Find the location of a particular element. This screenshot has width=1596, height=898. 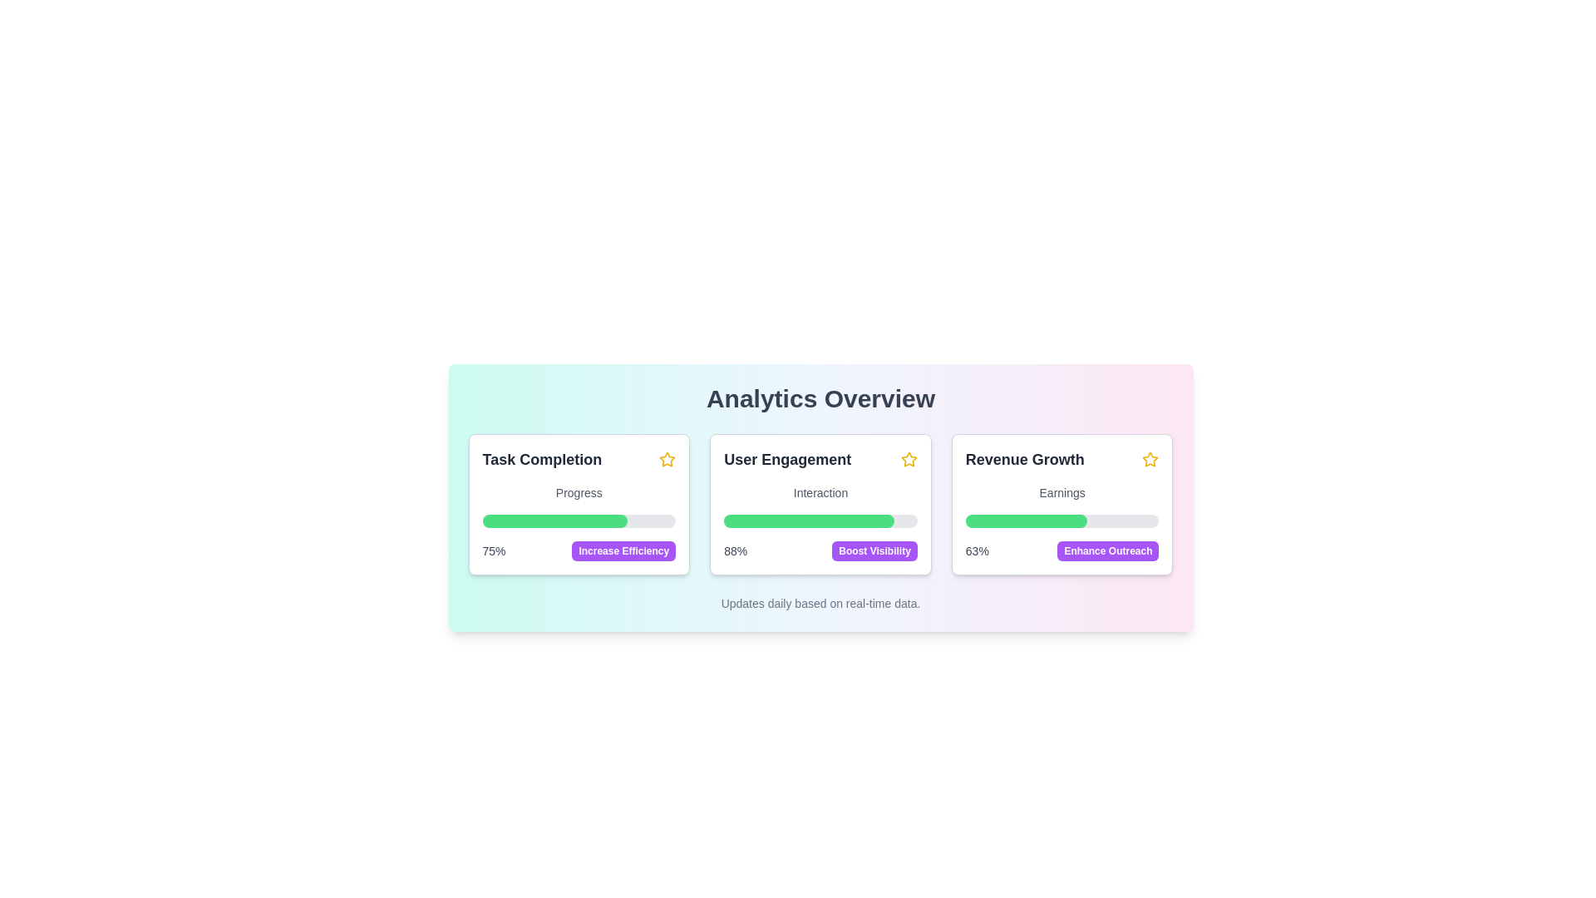

the progress bar in the 'Revenue Growth' card, which is filled to approximately 63% and has a smooth green fill with rounded ends is located at coordinates (1026, 521).